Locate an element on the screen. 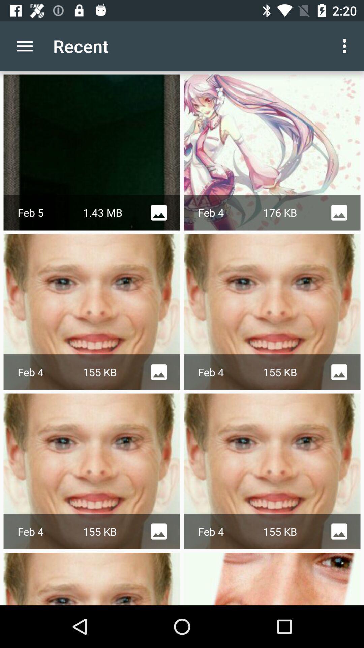 The height and width of the screenshot is (648, 364). the app next to the recent is located at coordinates (346, 46).